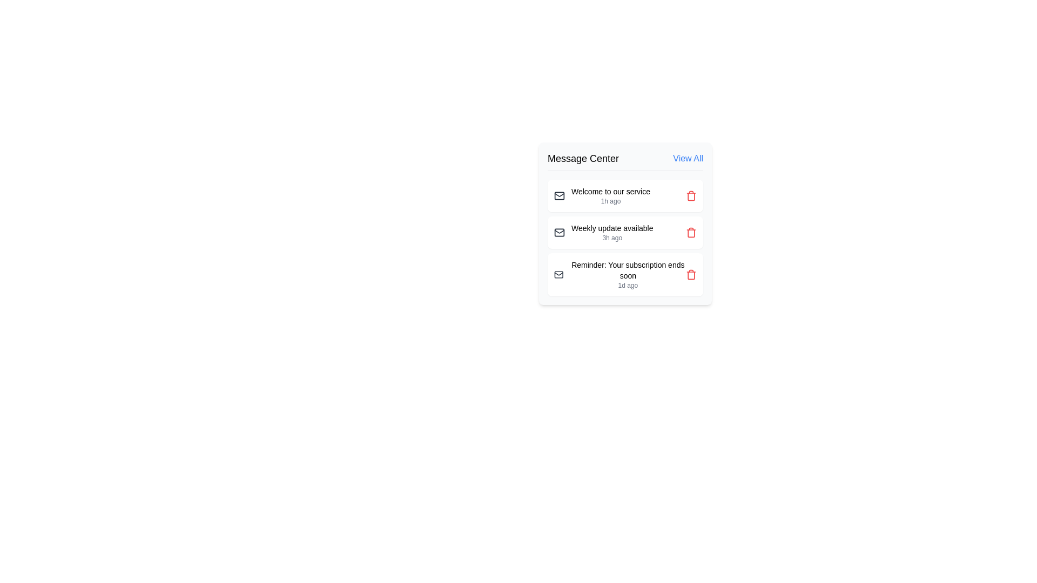 The image size is (1037, 583). Describe the element at coordinates (625, 274) in the screenshot. I see `the third item in the notification panel titled 'Message Center', which informs the user of an upcoming subscription expiration, located directly below 'Weekly update available'` at that location.